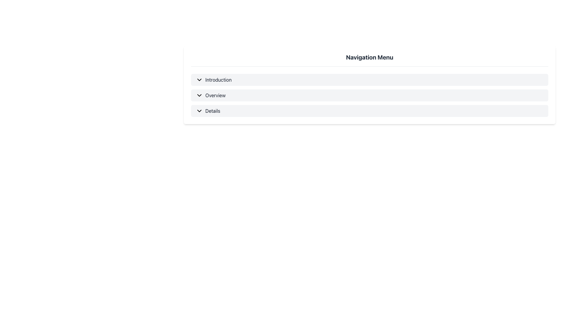 The height and width of the screenshot is (323, 574). What do you see at coordinates (369, 95) in the screenshot?
I see `the collapsible menu item labeled 'Overview'` at bounding box center [369, 95].